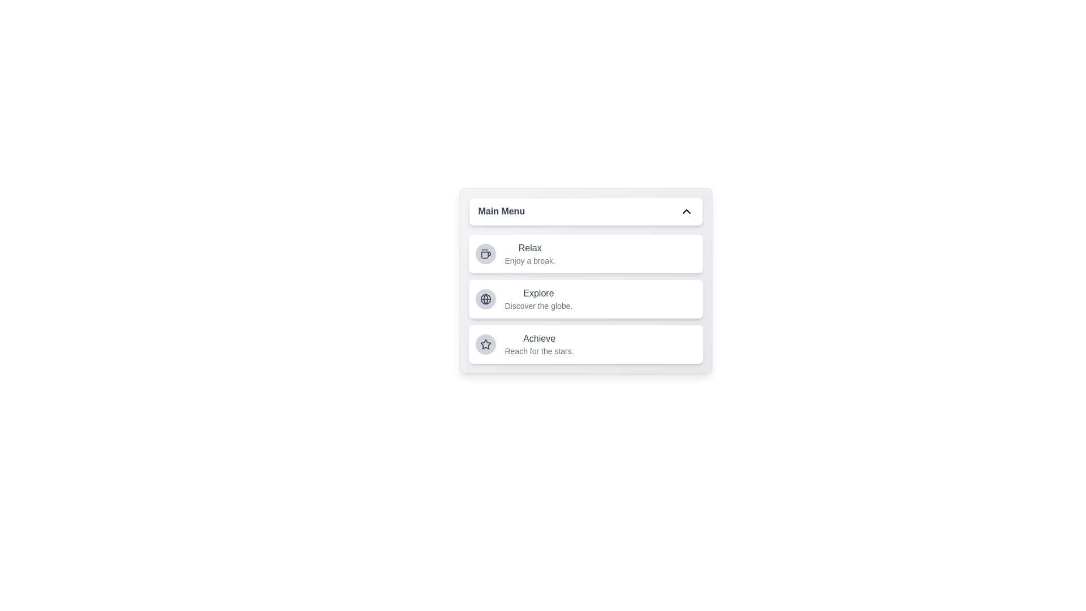 The image size is (1086, 611). Describe the element at coordinates (585, 298) in the screenshot. I see `the menu item corresponding to Explore` at that location.